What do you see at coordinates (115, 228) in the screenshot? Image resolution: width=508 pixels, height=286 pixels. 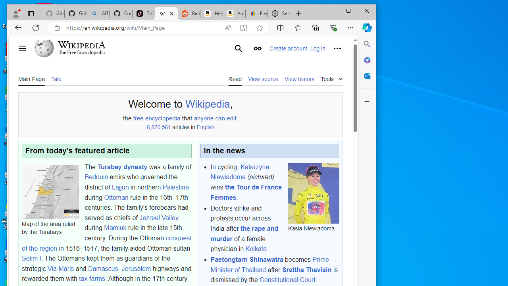 I see `'Mamluk'` at bounding box center [115, 228].